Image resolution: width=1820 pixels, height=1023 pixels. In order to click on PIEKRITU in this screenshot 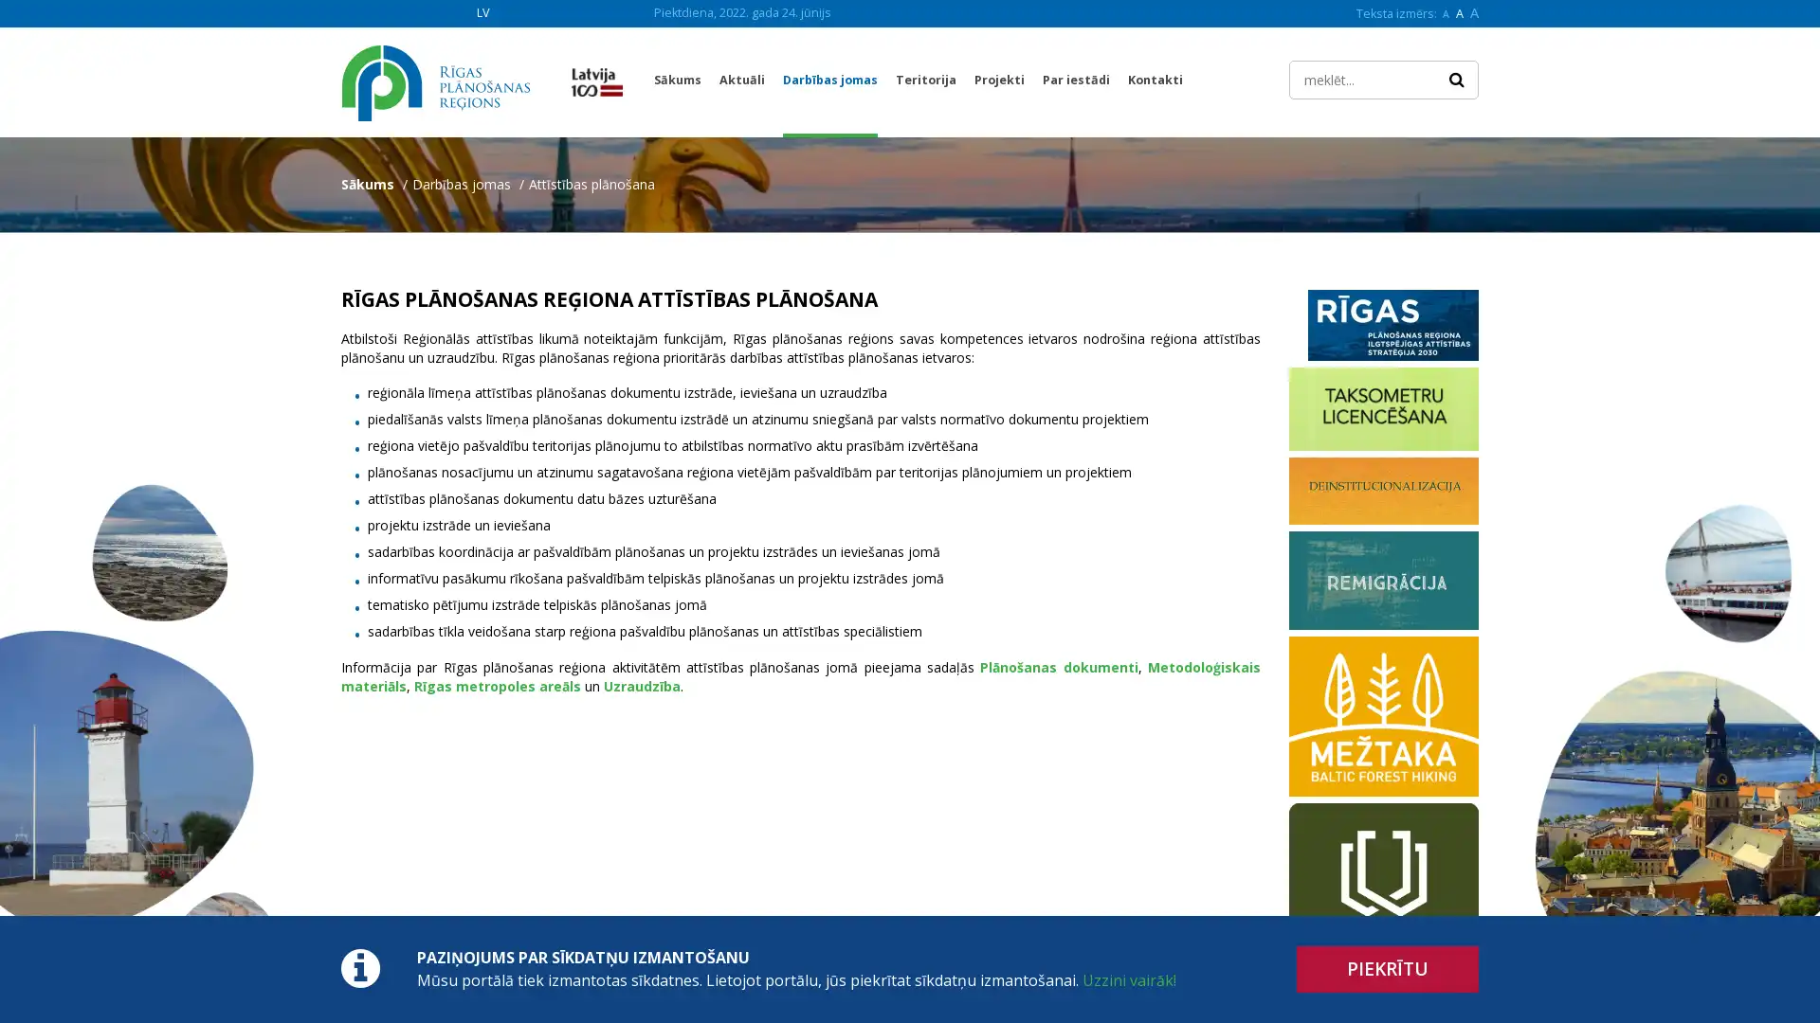, I will do `click(1388, 969)`.